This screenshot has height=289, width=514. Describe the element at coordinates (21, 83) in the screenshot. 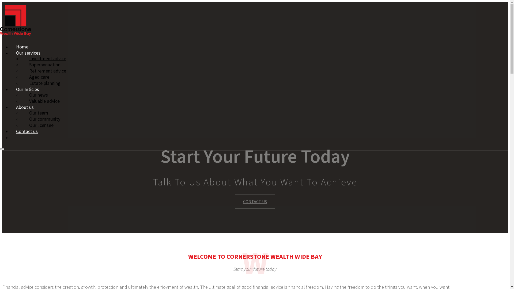

I see `'Estate planning'` at that location.